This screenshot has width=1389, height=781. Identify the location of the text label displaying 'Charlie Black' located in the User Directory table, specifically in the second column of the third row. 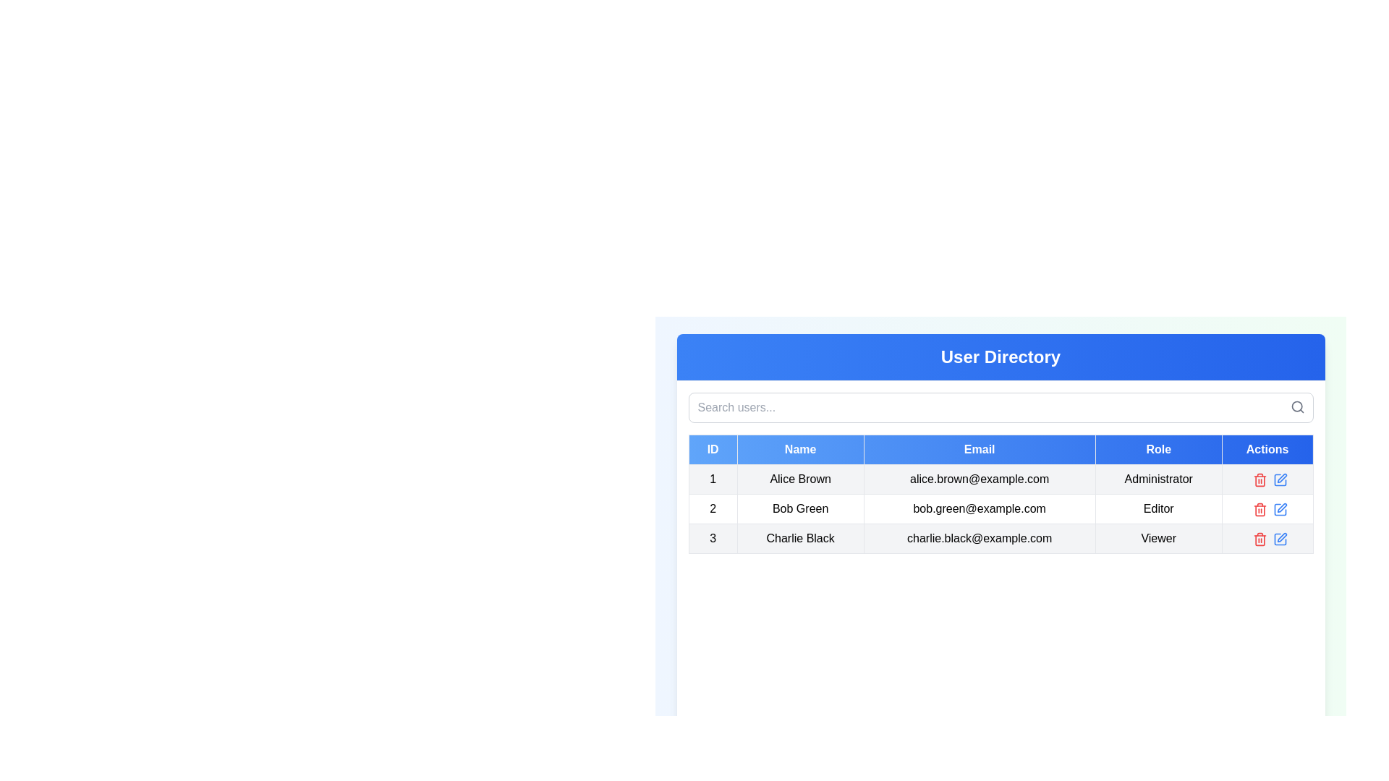
(799, 538).